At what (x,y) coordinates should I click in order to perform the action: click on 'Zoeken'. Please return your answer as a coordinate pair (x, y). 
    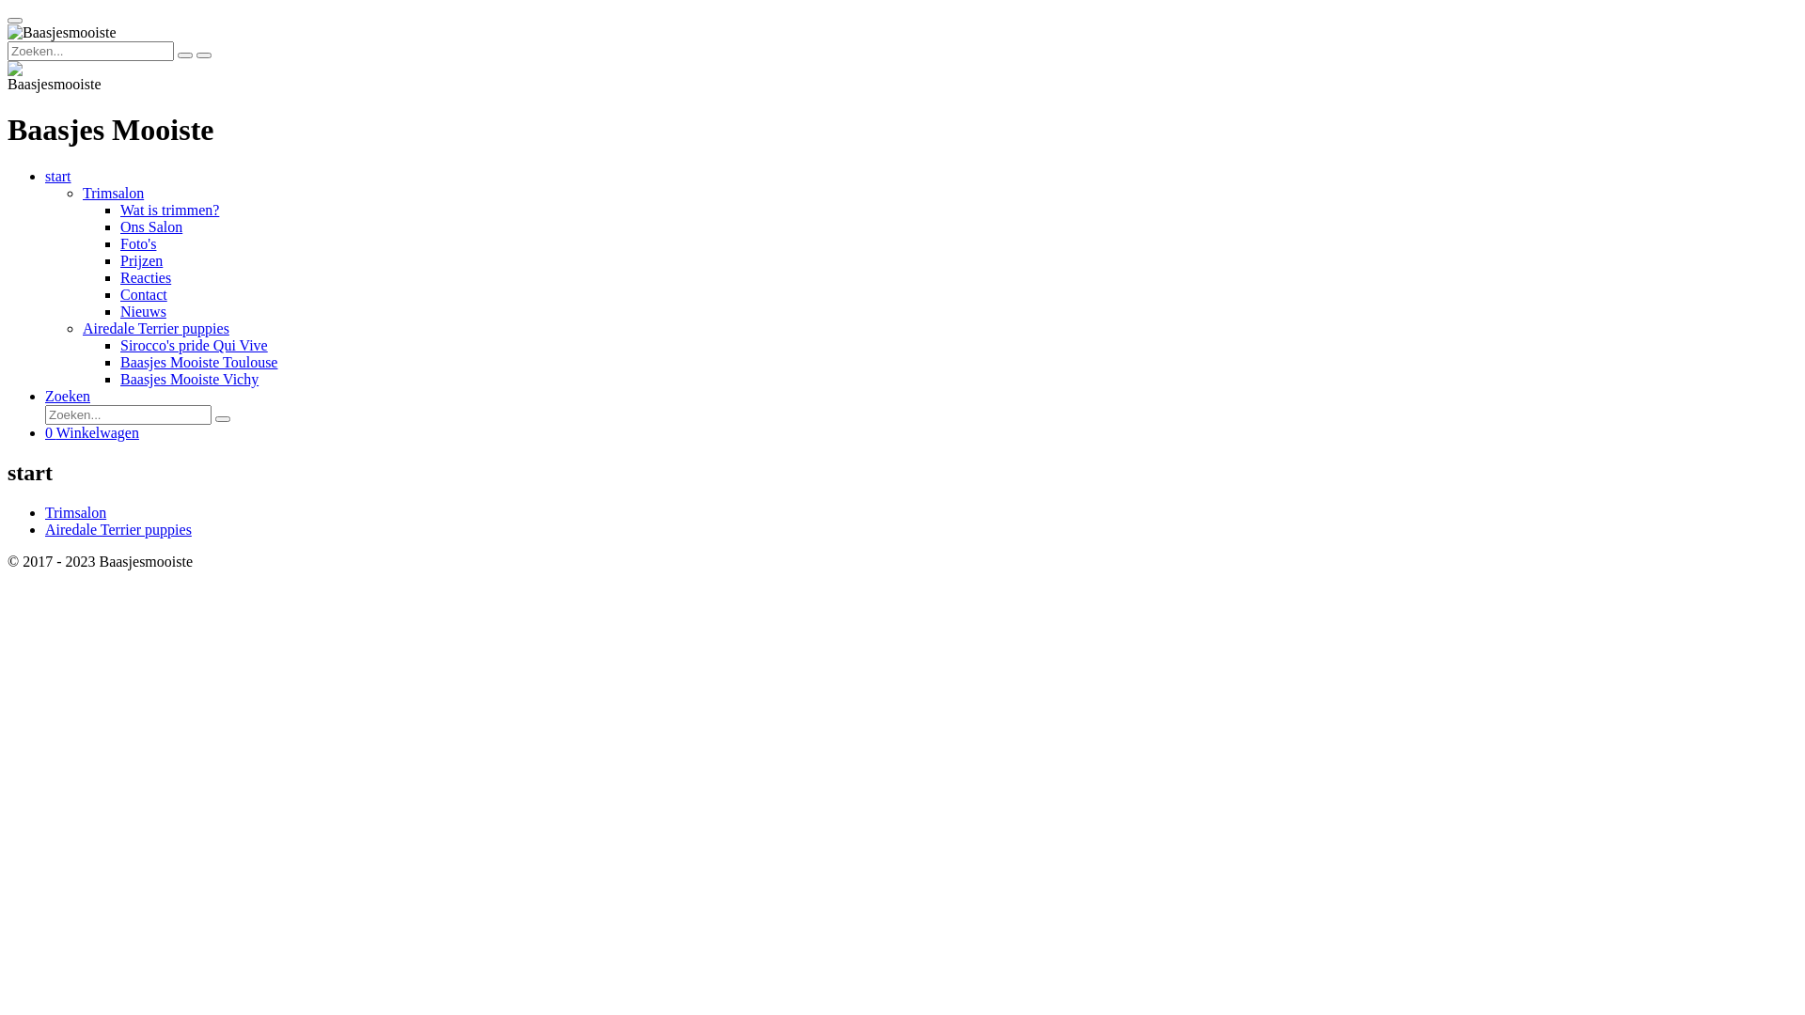
    Looking at the image, I should click on (68, 395).